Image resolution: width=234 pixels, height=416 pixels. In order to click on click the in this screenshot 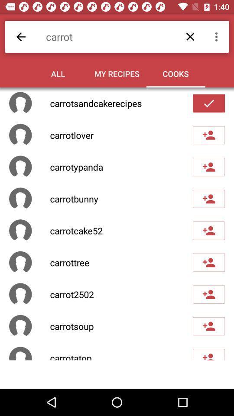, I will do `click(208, 103)`.